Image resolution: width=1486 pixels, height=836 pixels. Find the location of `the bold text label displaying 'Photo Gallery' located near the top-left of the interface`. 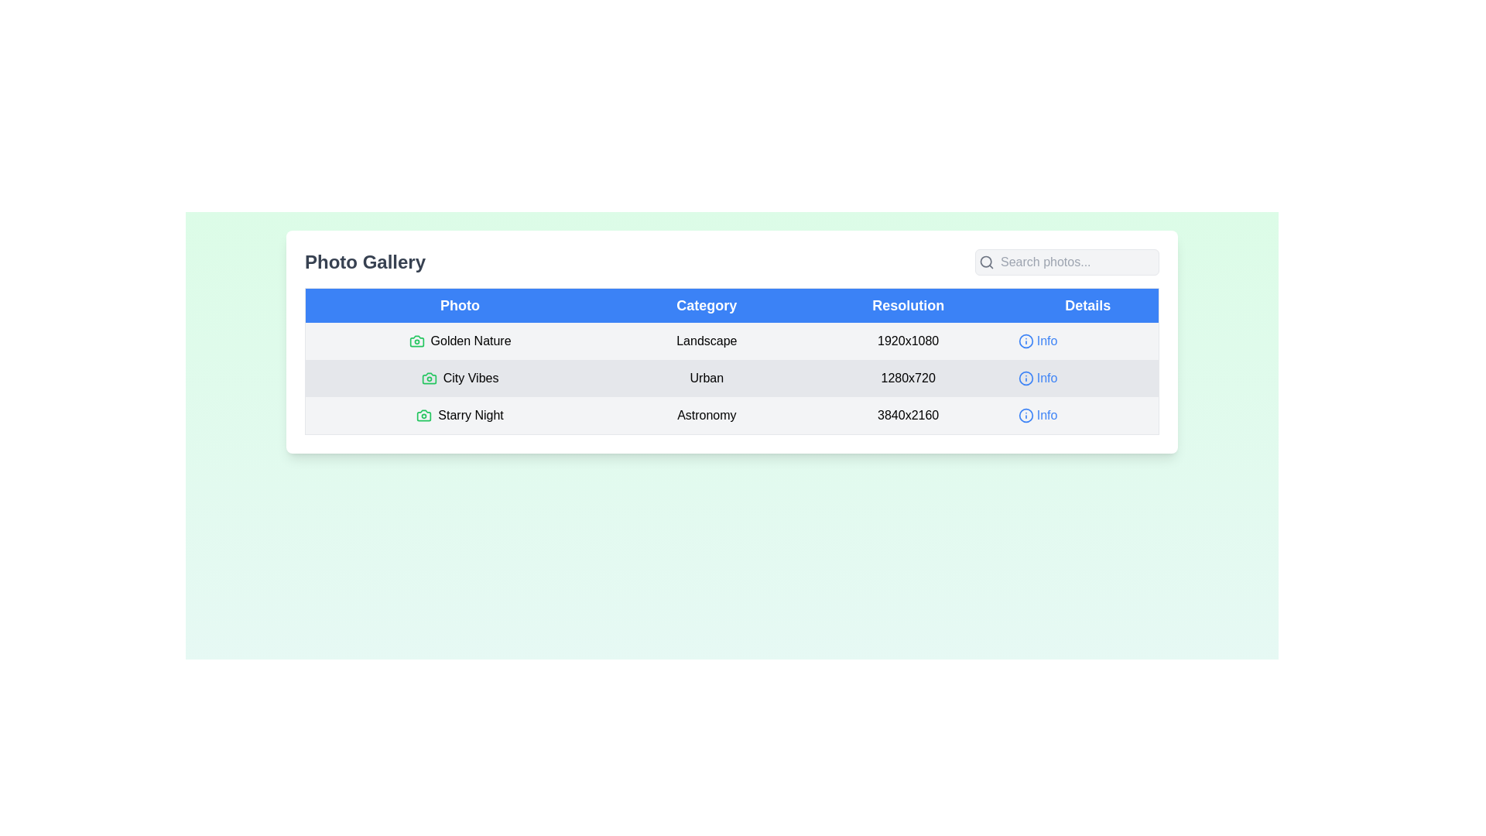

the bold text label displaying 'Photo Gallery' located near the top-left of the interface is located at coordinates (364, 262).